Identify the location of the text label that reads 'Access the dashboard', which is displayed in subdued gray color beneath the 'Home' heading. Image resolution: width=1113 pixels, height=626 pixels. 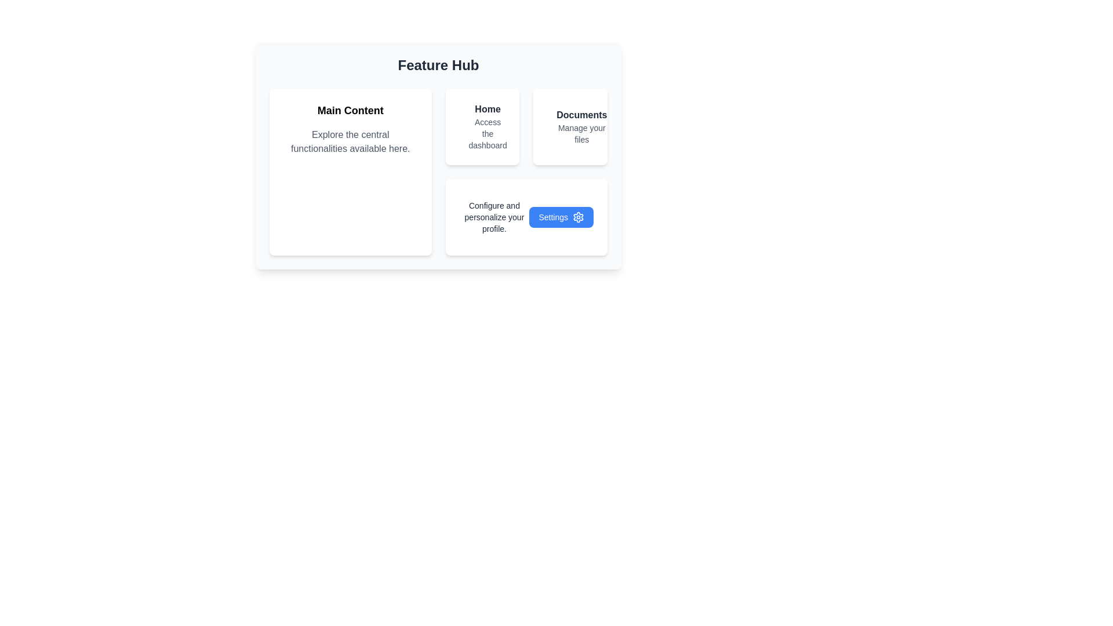
(488, 133).